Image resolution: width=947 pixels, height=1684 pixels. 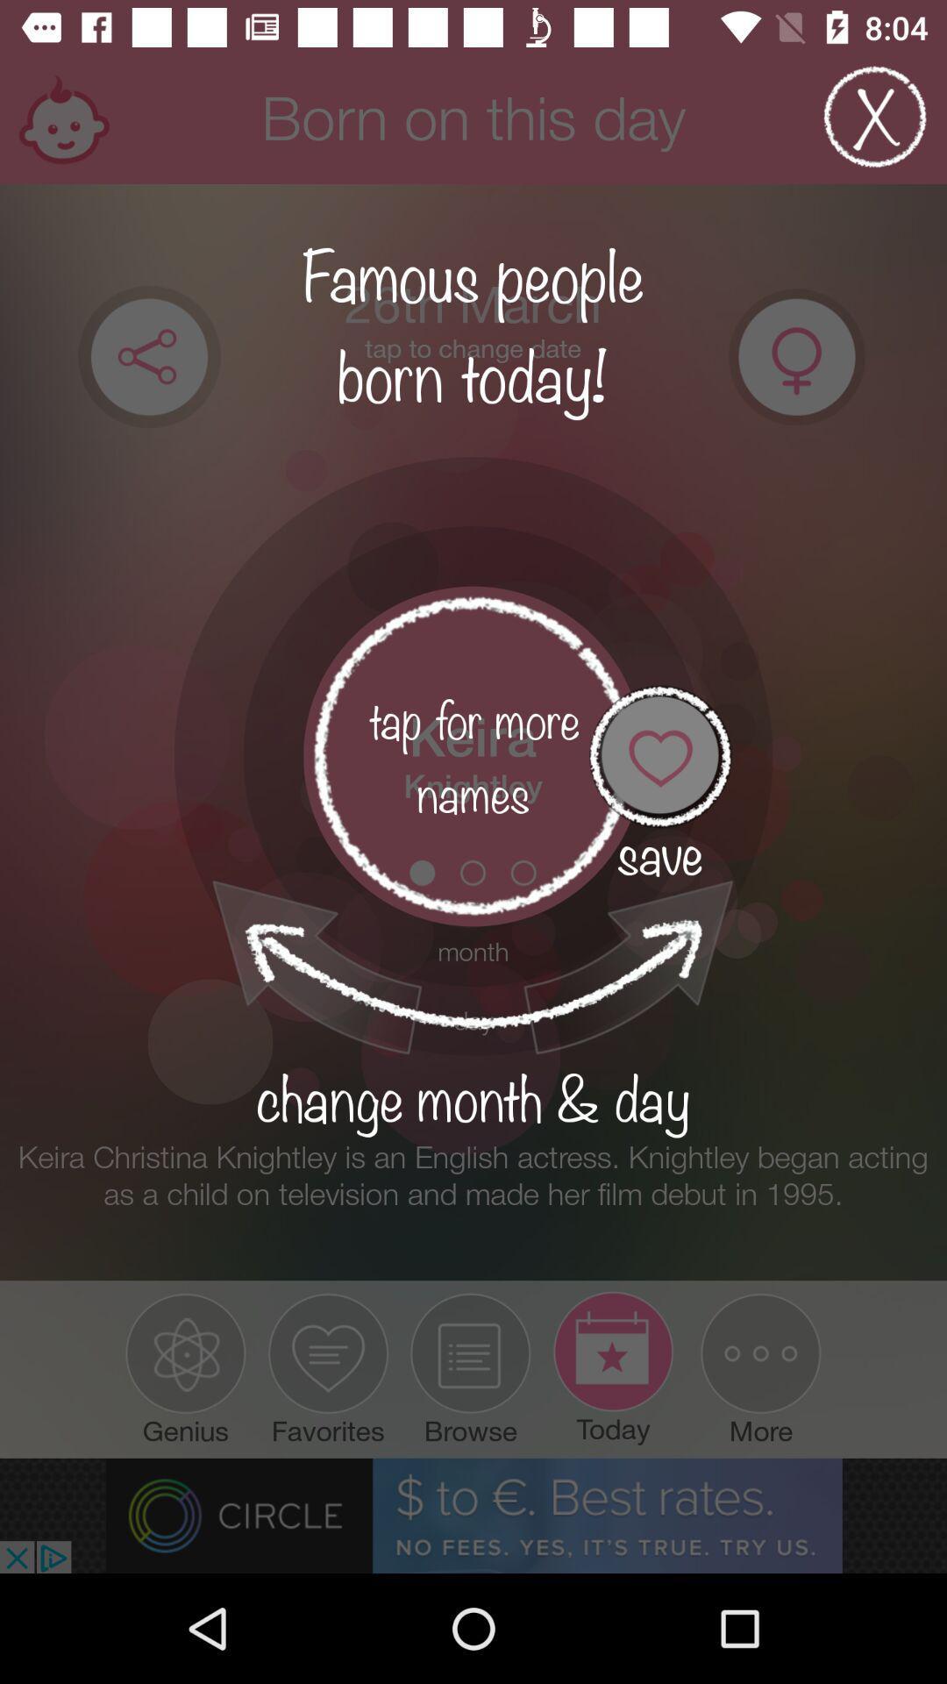 I want to click on open more names of famous people born today, so click(x=473, y=756).